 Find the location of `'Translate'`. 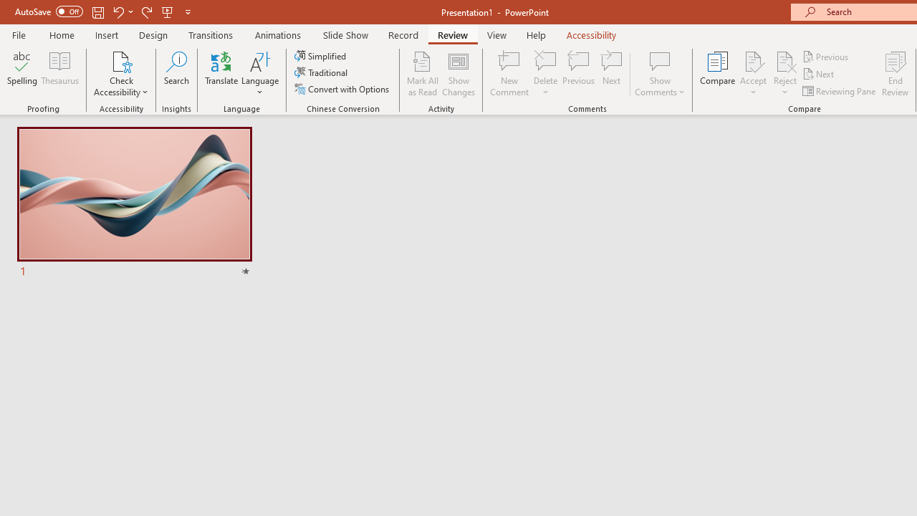

'Translate' is located at coordinates (221, 74).